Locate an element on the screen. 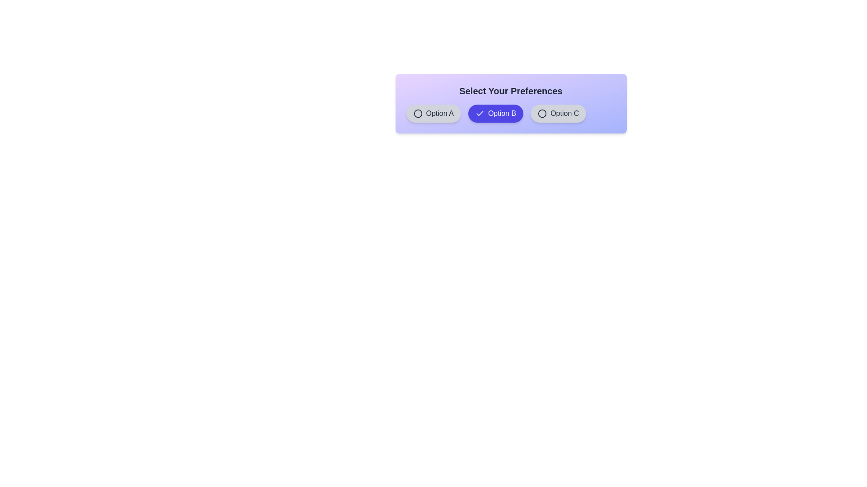  the chip labeled Option B is located at coordinates (495, 113).